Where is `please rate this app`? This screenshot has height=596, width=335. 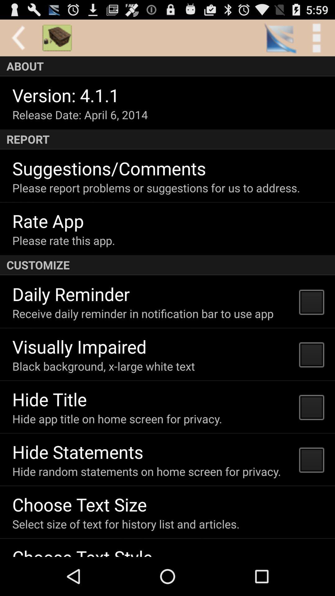
please rate this app is located at coordinates (64, 240).